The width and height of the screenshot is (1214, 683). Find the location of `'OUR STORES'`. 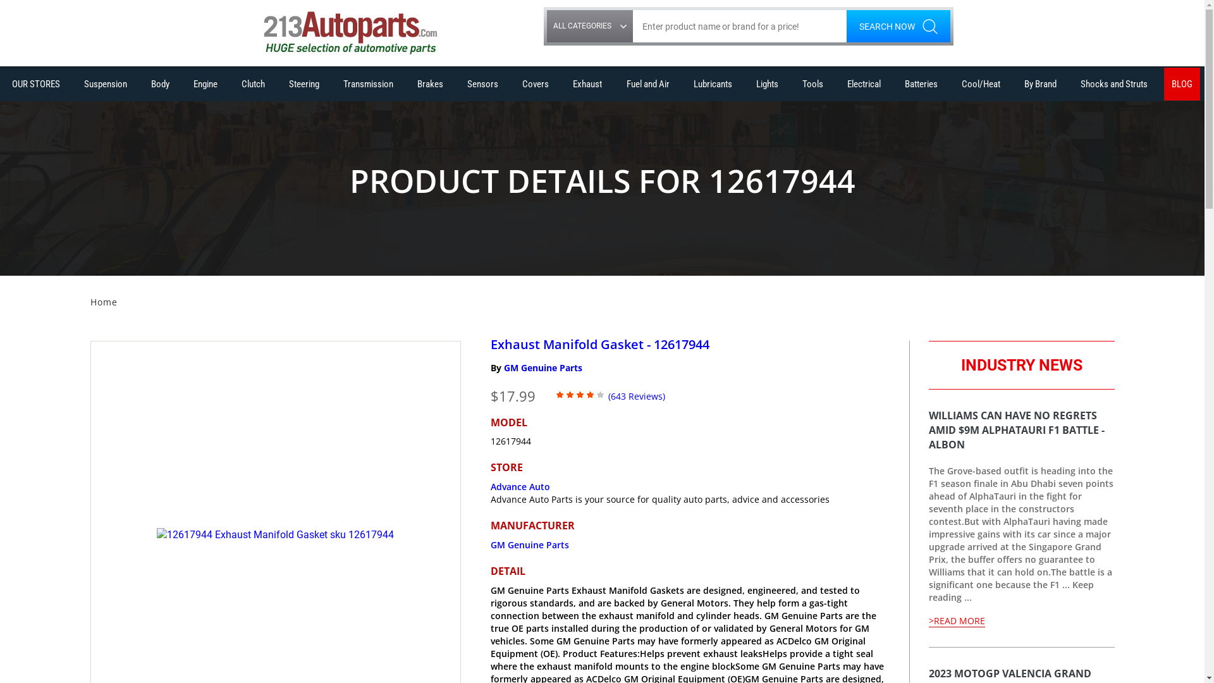

'OUR STORES' is located at coordinates (36, 83).